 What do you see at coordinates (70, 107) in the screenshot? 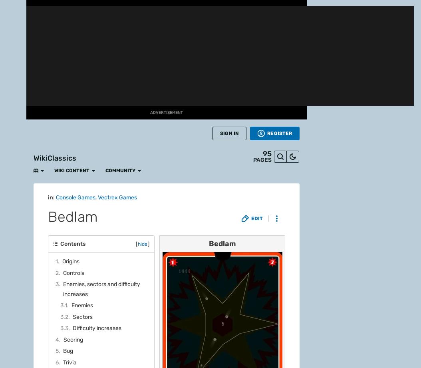
I see `'Popular Pages'` at bounding box center [70, 107].